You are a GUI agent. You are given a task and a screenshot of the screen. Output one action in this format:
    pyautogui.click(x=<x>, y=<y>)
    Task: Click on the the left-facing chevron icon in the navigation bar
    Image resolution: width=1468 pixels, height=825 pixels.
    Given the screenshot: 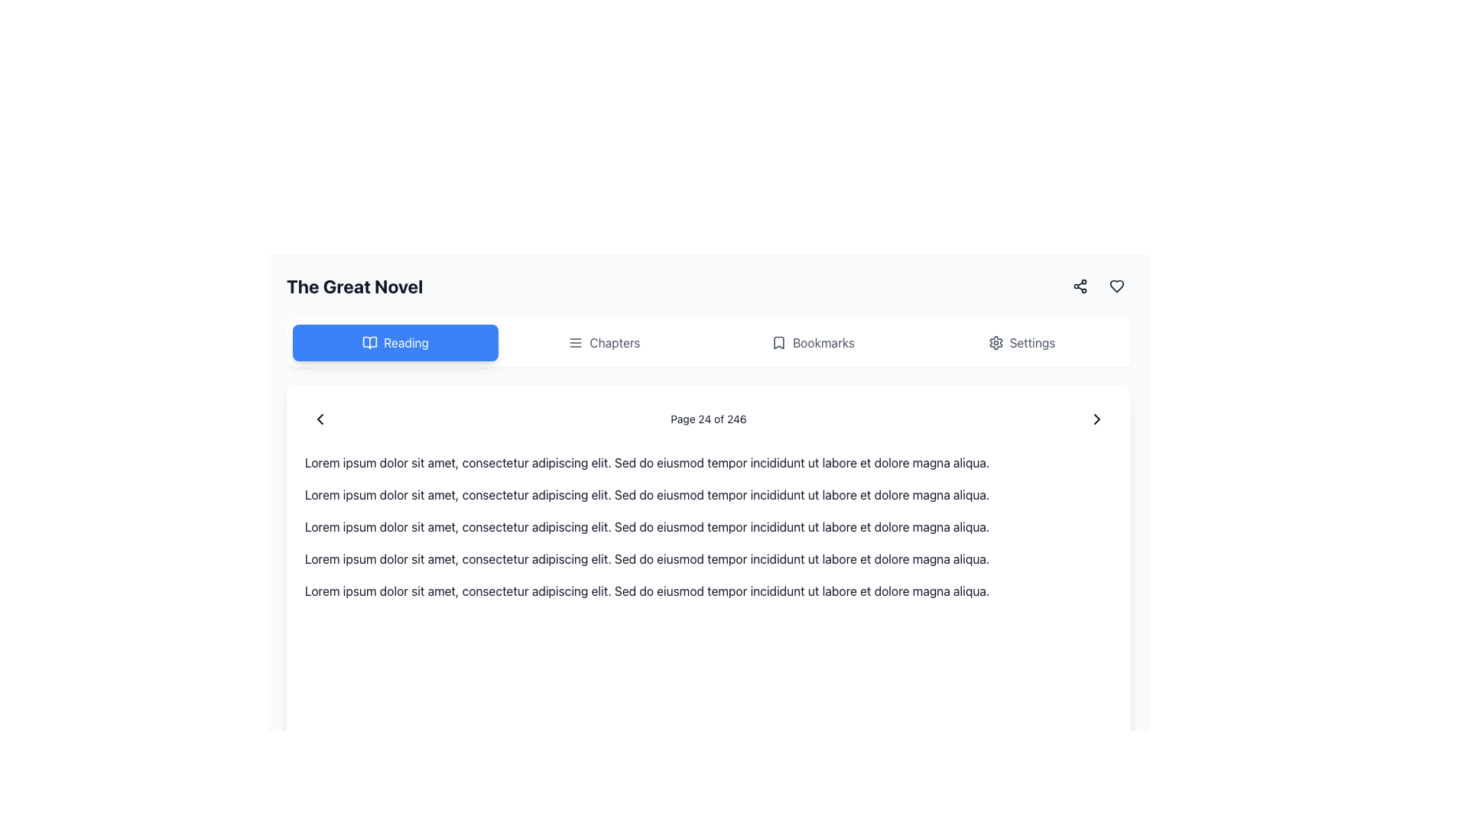 What is the action you would take?
    pyautogui.click(x=319, y=419)
    